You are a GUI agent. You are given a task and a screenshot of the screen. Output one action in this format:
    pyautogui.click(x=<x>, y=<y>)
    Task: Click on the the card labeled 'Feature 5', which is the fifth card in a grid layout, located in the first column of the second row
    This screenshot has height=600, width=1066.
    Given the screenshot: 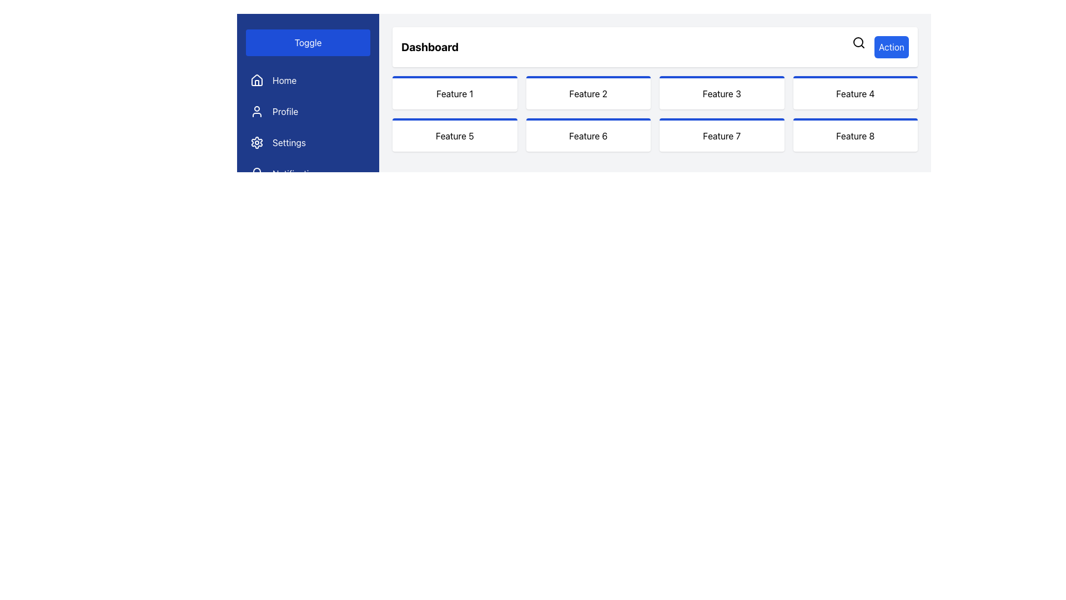 What is the action you would take?
    pyautogui.click(x=455, y=134)
    